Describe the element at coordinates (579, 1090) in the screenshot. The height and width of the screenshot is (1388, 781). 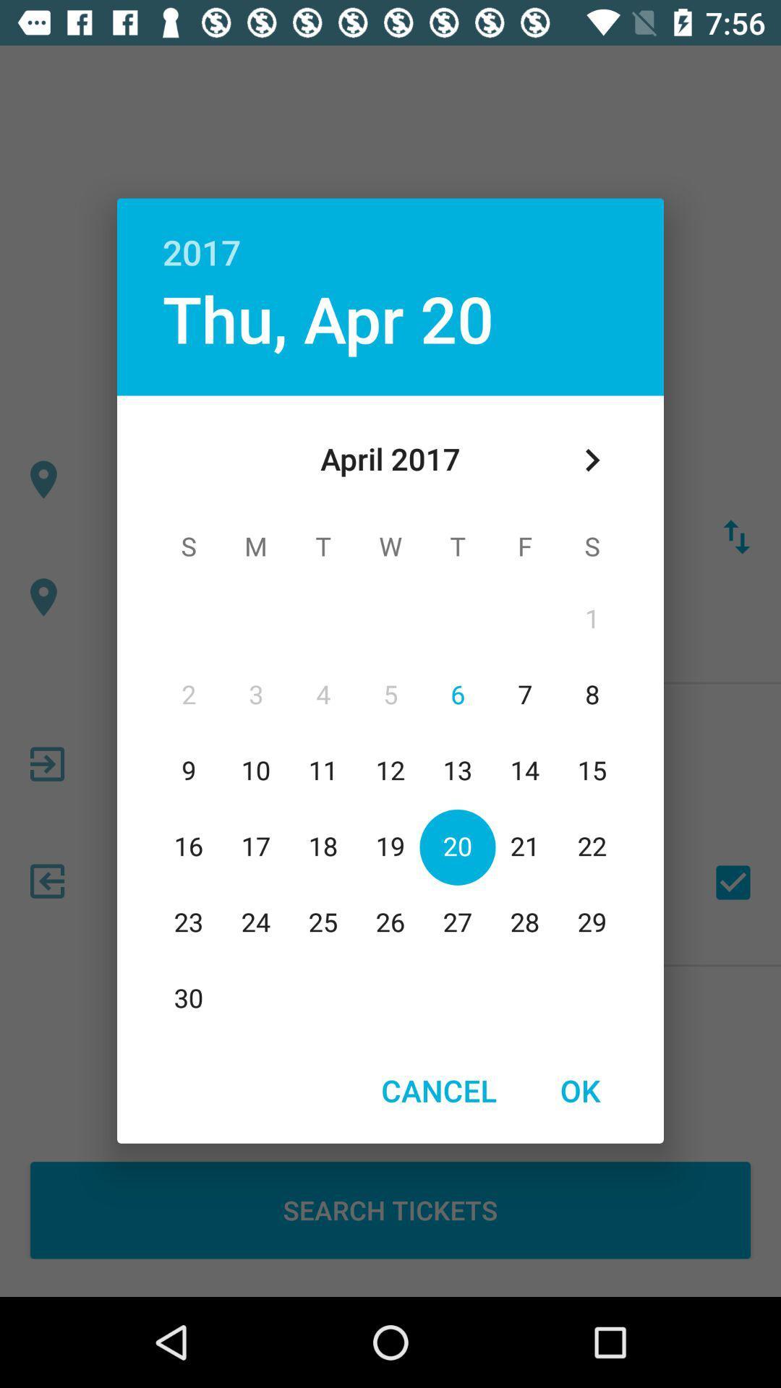
I see `ok icon` at that location.